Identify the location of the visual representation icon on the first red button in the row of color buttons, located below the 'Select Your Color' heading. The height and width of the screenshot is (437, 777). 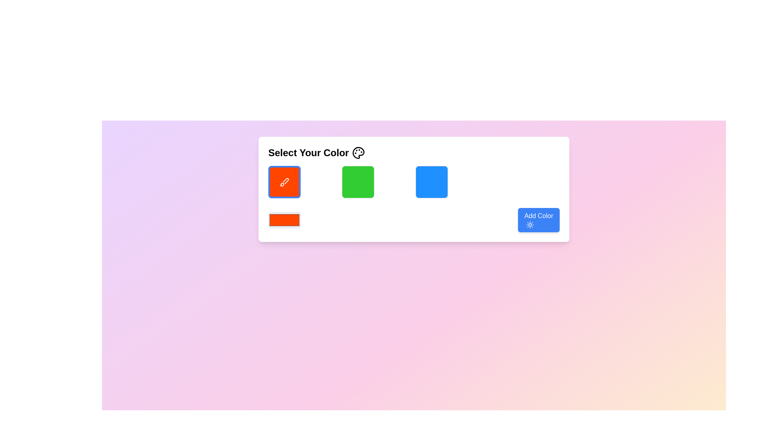
(286, 180).